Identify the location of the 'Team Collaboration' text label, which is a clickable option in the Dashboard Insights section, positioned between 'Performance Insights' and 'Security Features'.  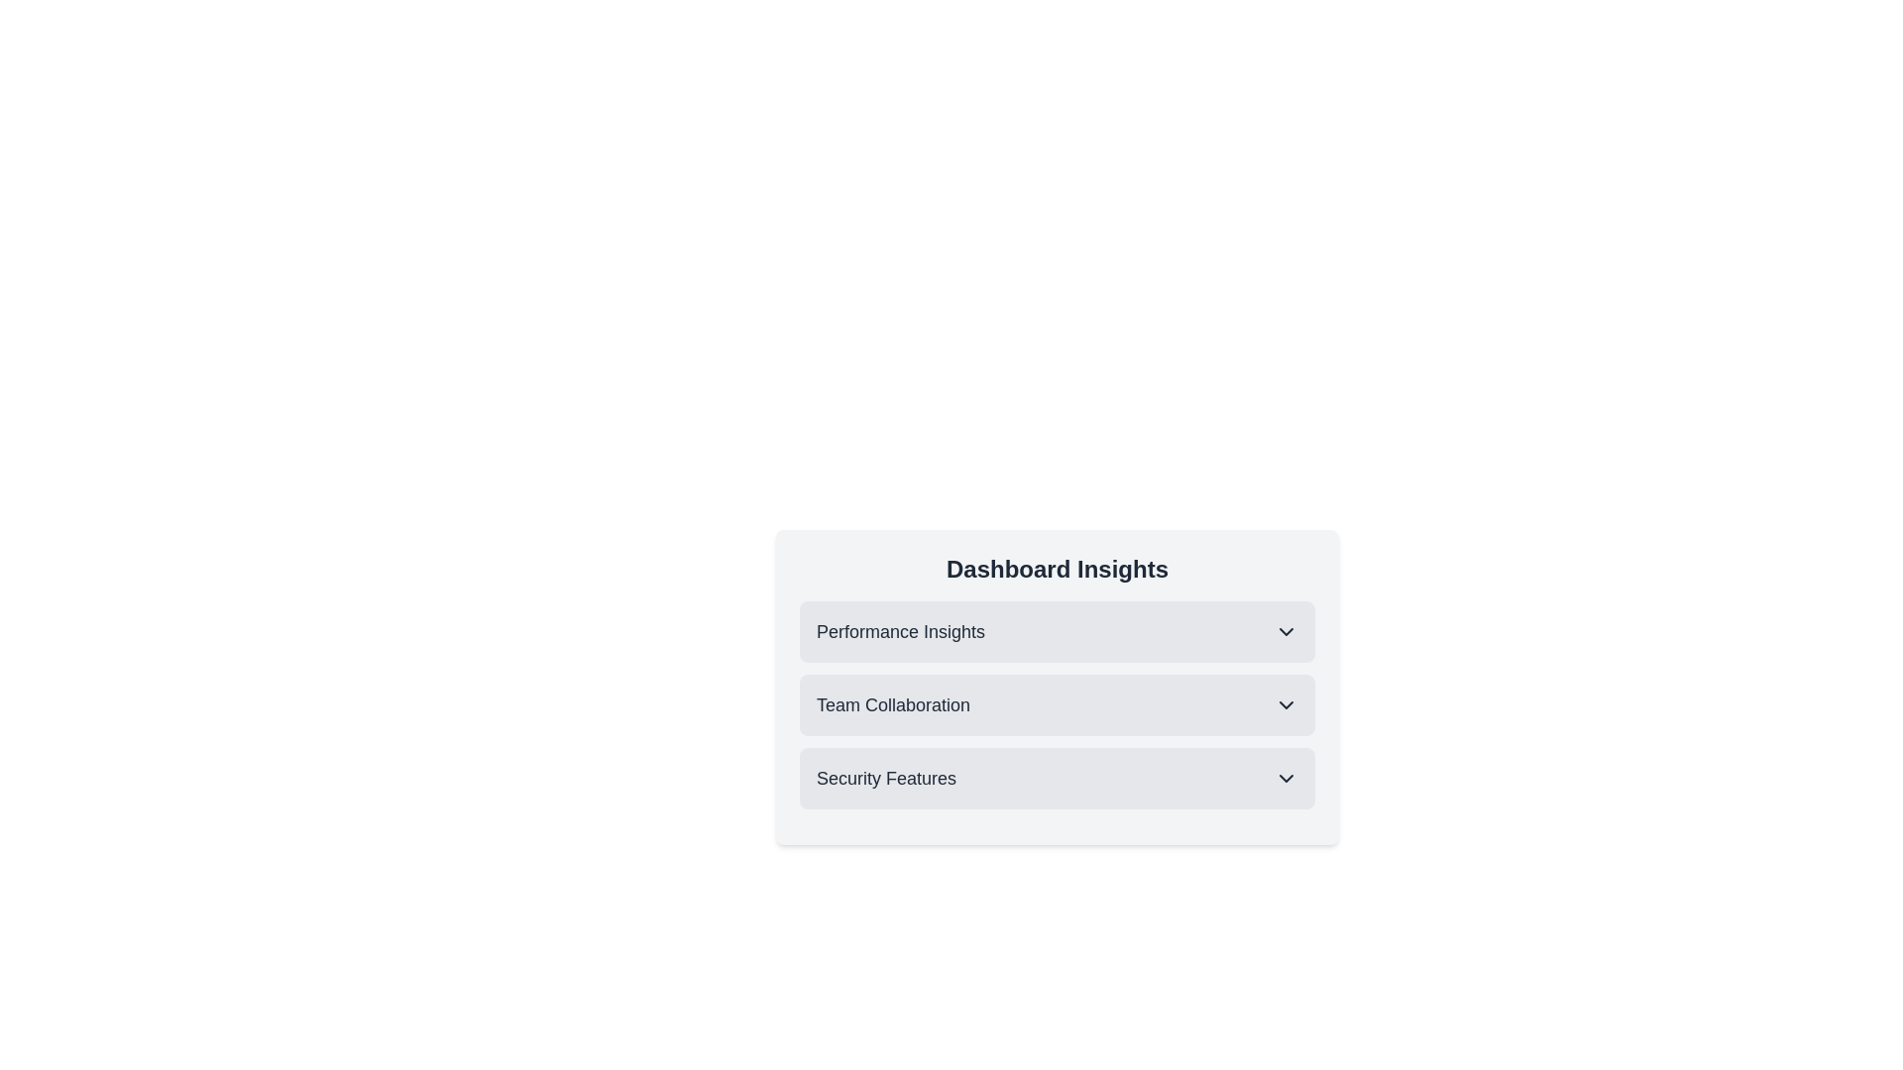
(892, 704).